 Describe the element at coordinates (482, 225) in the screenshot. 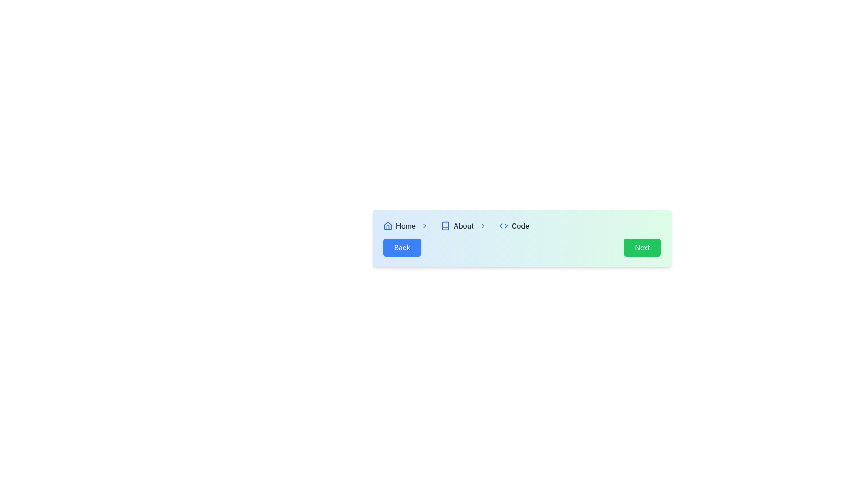

I see `the chevron icon located to the right of the 'About' link in the breadcrumb navigation bar, which indicates the hierarchical relationship of the current page` at that location.